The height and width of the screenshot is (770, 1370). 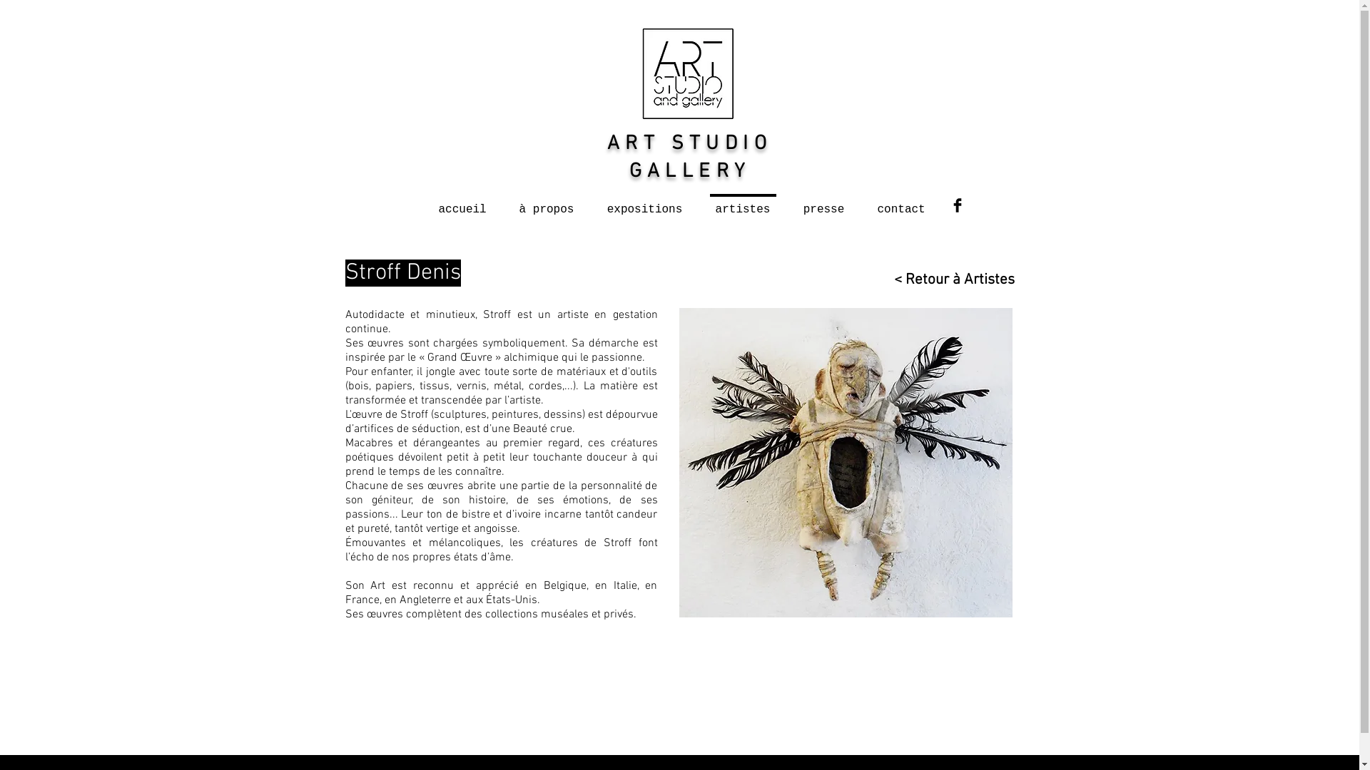 What do you see at coordinates (900, 203) in the screenshot?
I see `'contact'` at bounding box center [900, 203].